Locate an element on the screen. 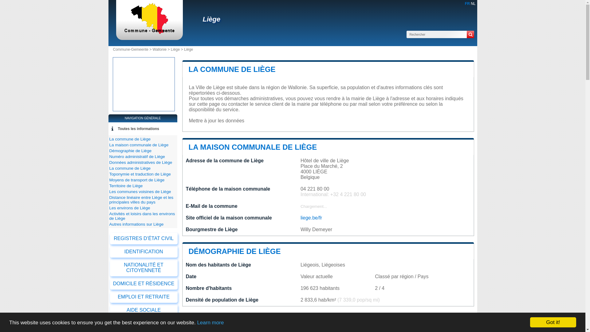 The height and width of the screenshot is (332, 590). 'AUTOMOBILE' is located at coordinates (143, 323).